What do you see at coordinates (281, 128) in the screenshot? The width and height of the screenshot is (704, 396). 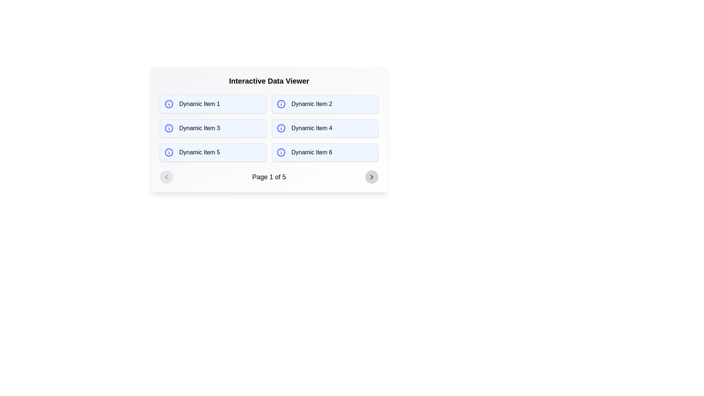 I see `the informational icon within the 'Dynamic Item 4' box` at bounding box center [281, 128].